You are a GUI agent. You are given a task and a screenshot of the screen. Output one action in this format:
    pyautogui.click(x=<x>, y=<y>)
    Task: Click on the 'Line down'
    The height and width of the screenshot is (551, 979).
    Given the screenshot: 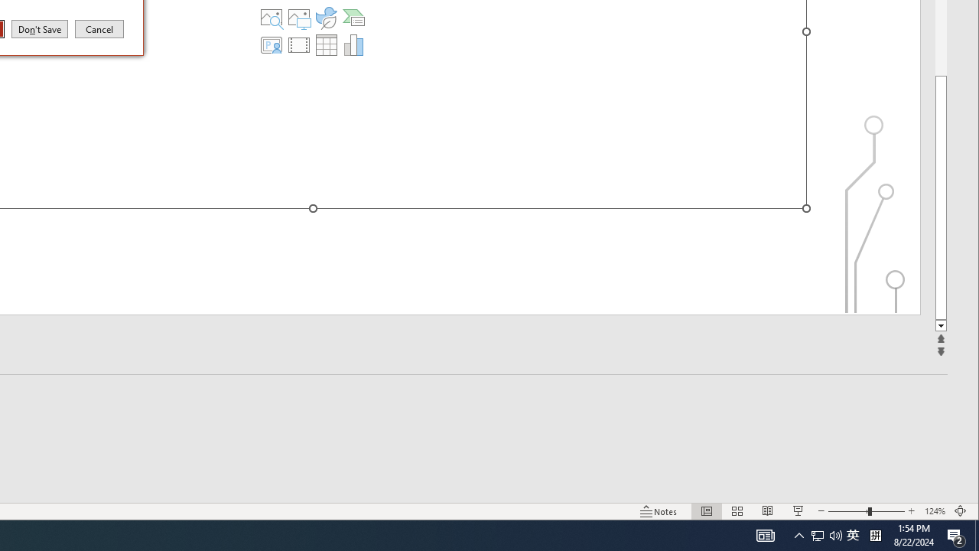 What is the action you would take?
    pyautogui.click(x=940, y=325)
    